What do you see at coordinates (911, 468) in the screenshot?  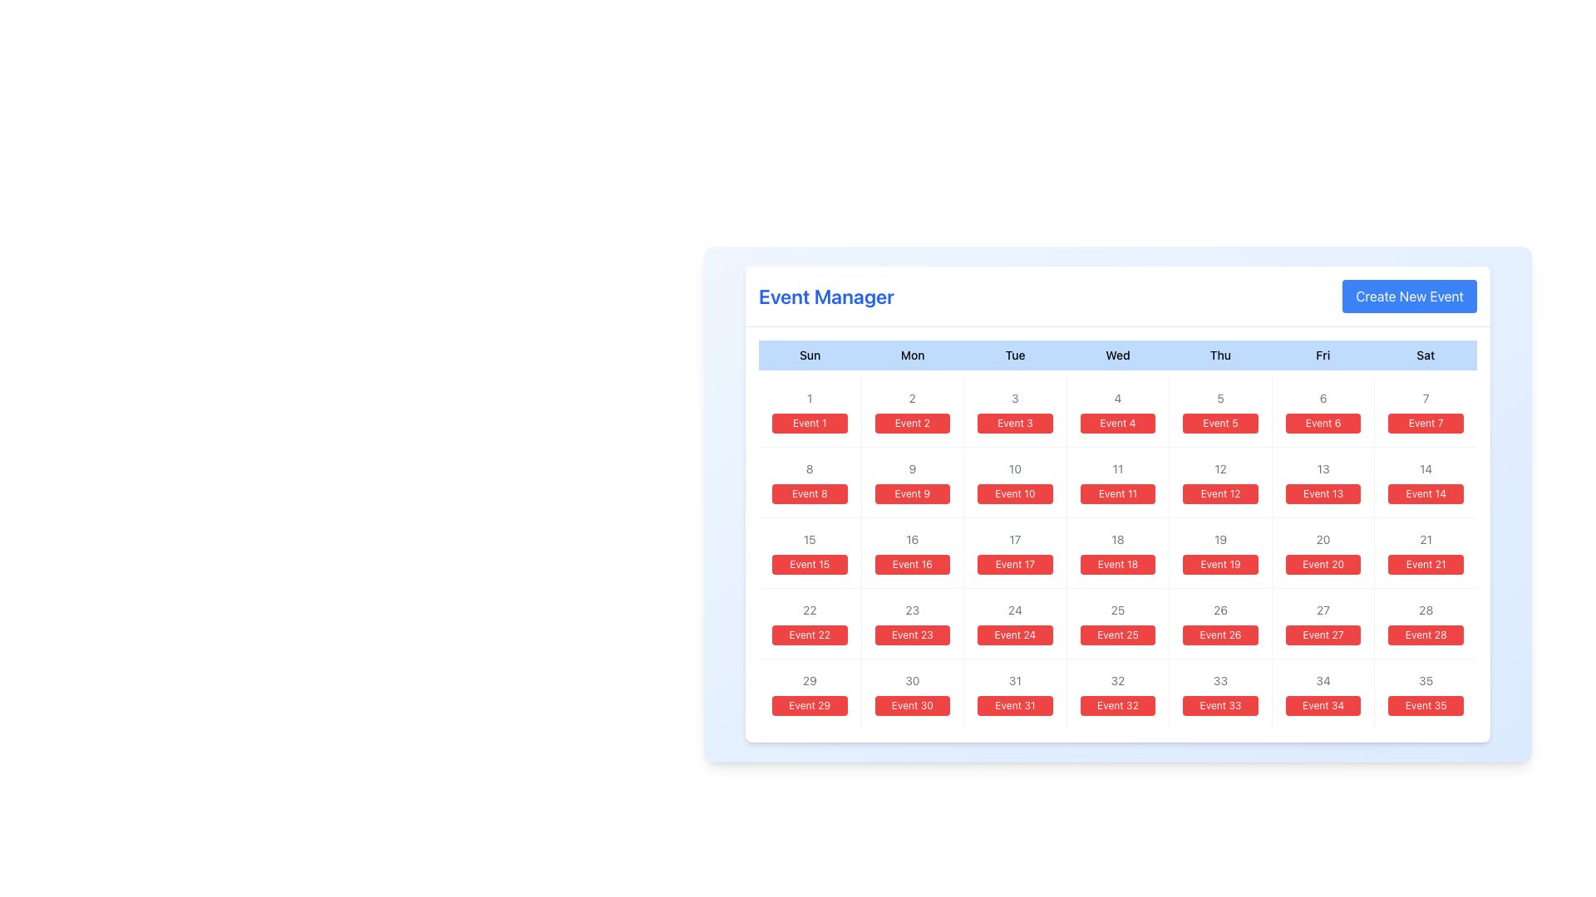 I see `the text label representing the date number in the second column of the second row of the calendar grid, located above the red button labeled 'Event 9'` at bounding box center [911, 468].